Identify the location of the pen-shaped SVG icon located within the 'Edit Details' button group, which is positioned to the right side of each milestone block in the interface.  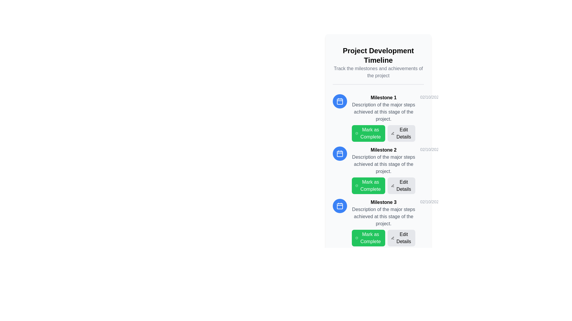
(393, 185).